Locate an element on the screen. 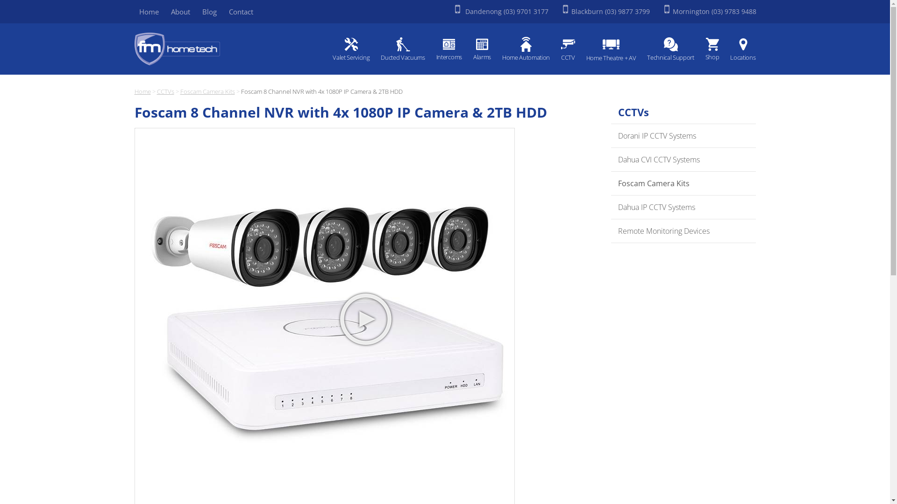 The width and height of the screenshot is (897, 504). 'Foscam Camera Kits' is located at coordinates (683, 183).